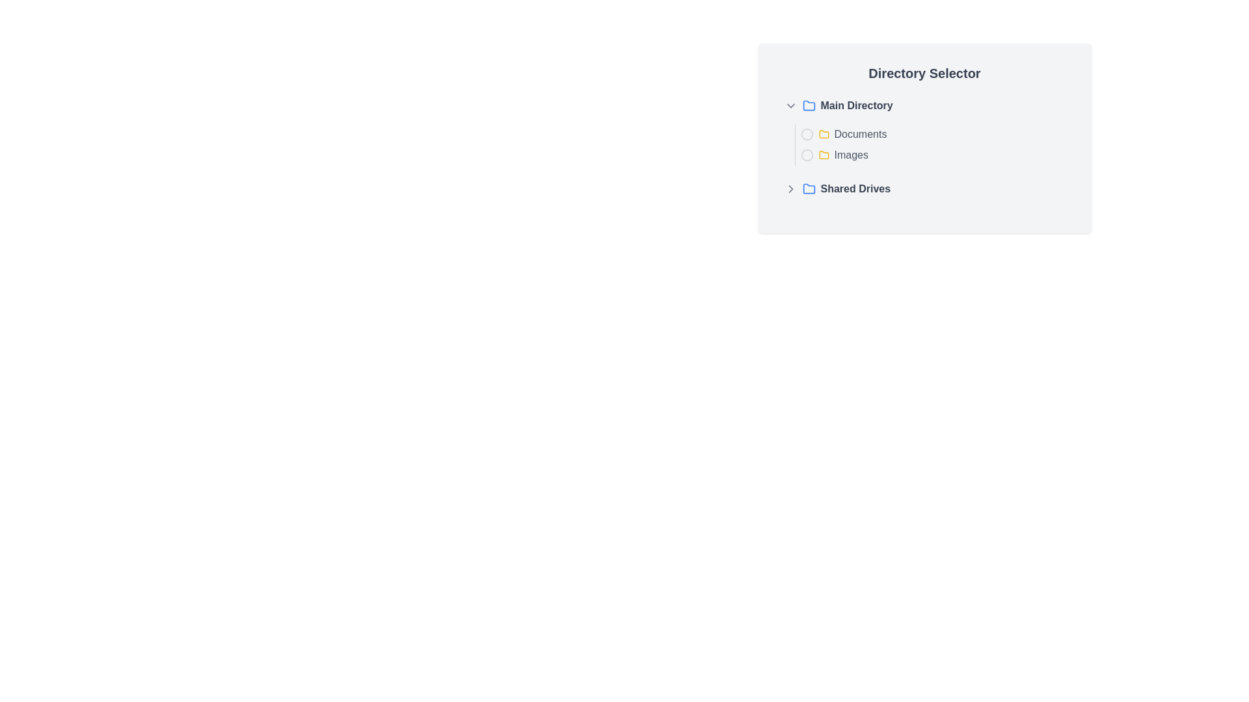 The width and height of the screenshot is (1249, 702). I want to click on the downward-pointing chevron icon, so click(790, 105).